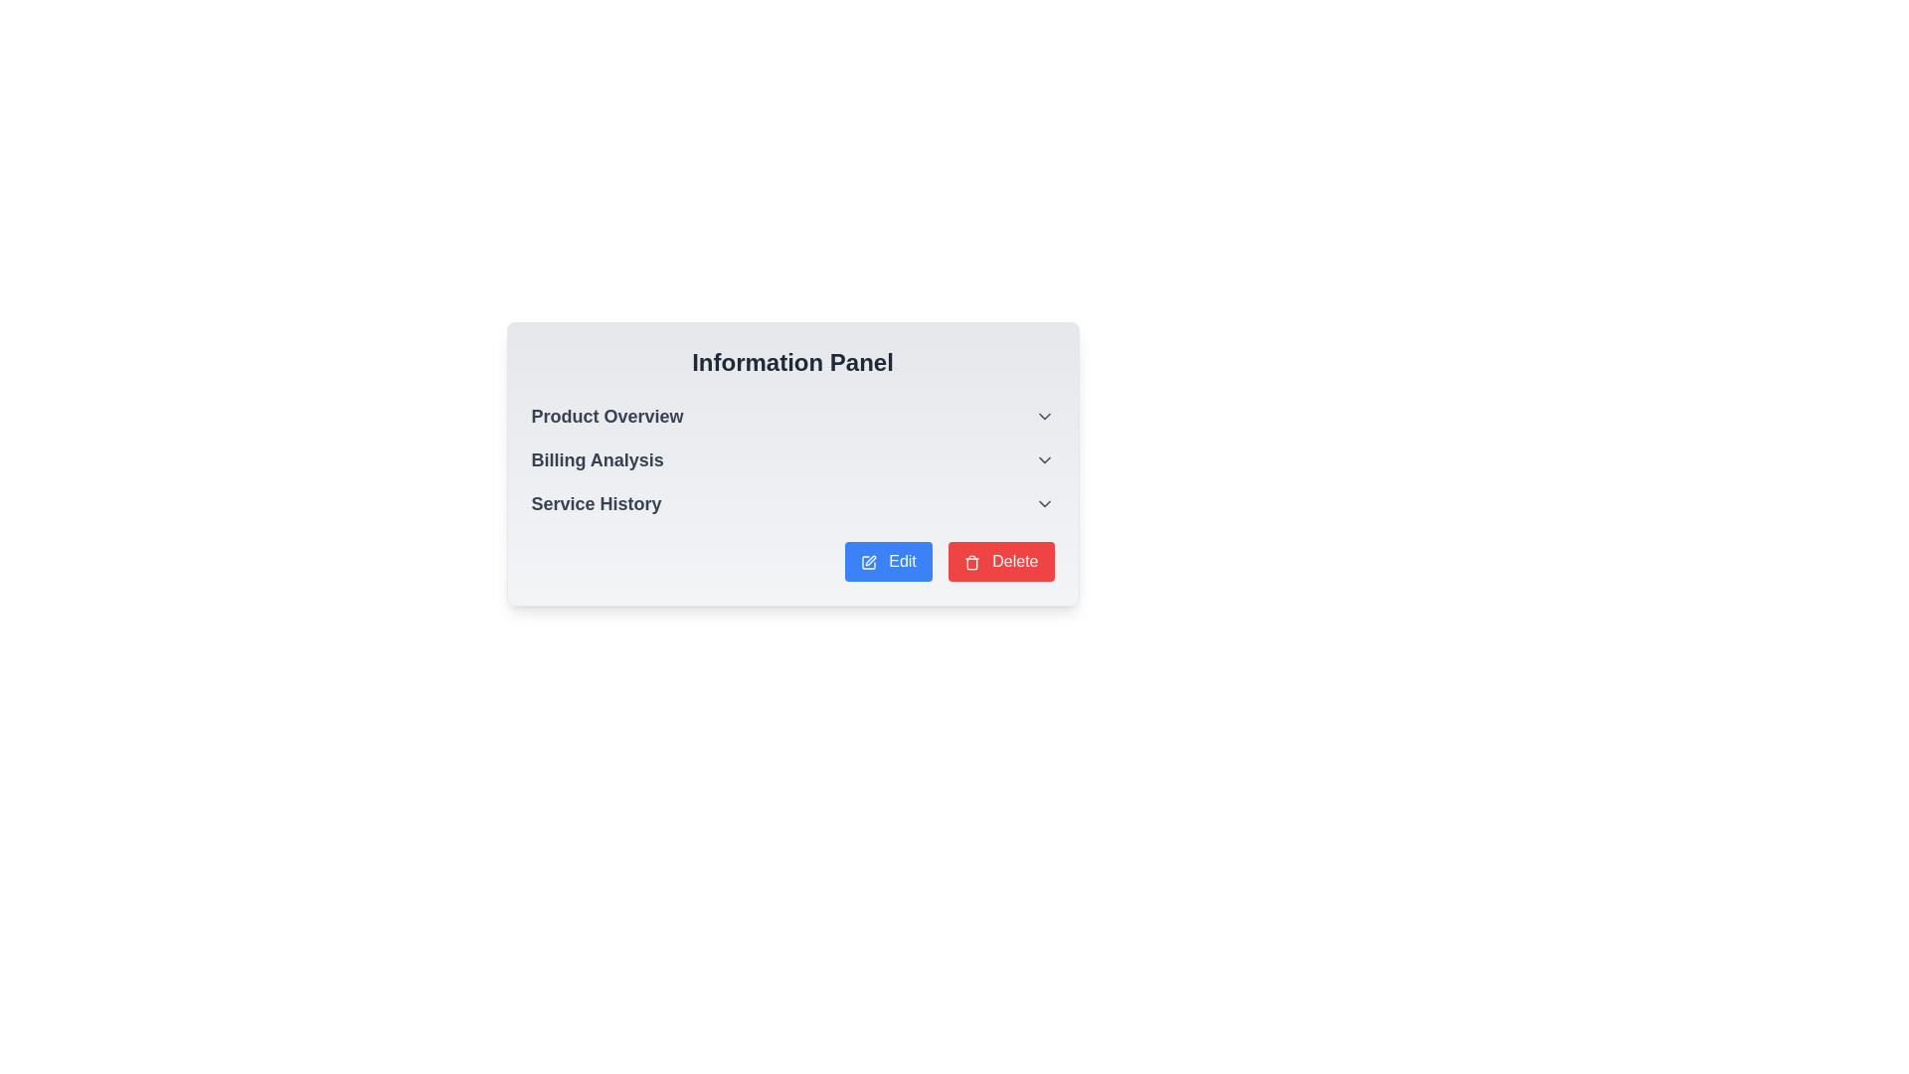 The width and height of the screenshot is (1909, 1074). What do you see at coordinates (1001, 561) in the screenshot?
I see `the 'Delete' button located at the bottom-right corner of the 'Information Panel', which is the second button in a horizontal pair, to initiate the delete operation` at bounding box center [1001, 561].